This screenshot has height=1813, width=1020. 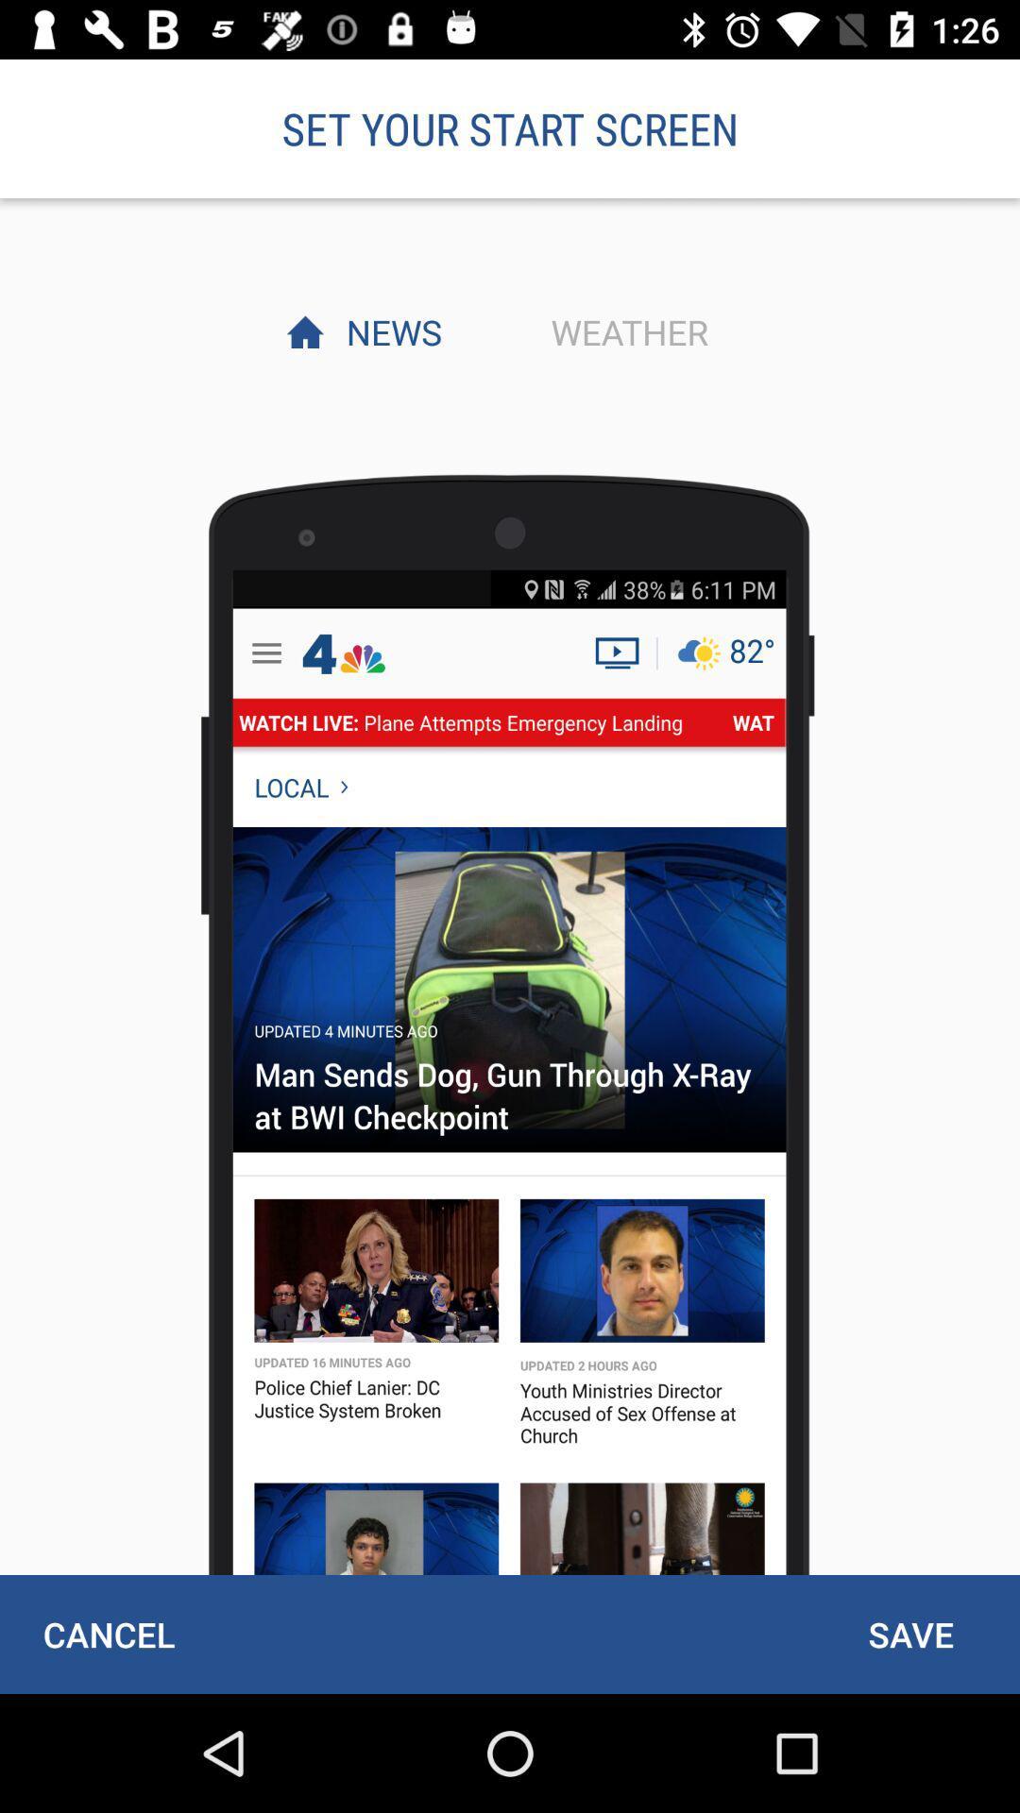 What do you see at coordinates (388, 331) in the screenshot?
I see `the news` at bounding box center [388, 331].